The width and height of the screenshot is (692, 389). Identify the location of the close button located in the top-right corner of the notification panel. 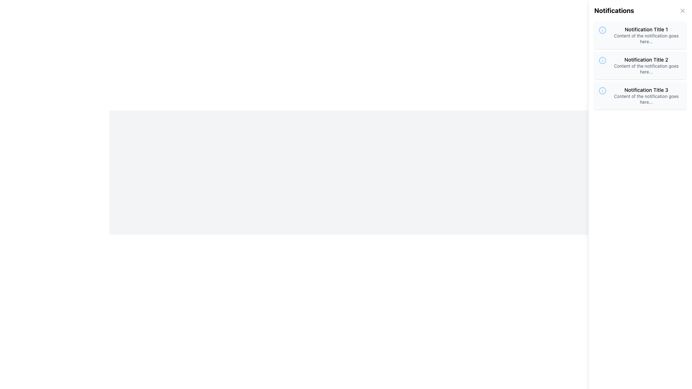
(682, 11).